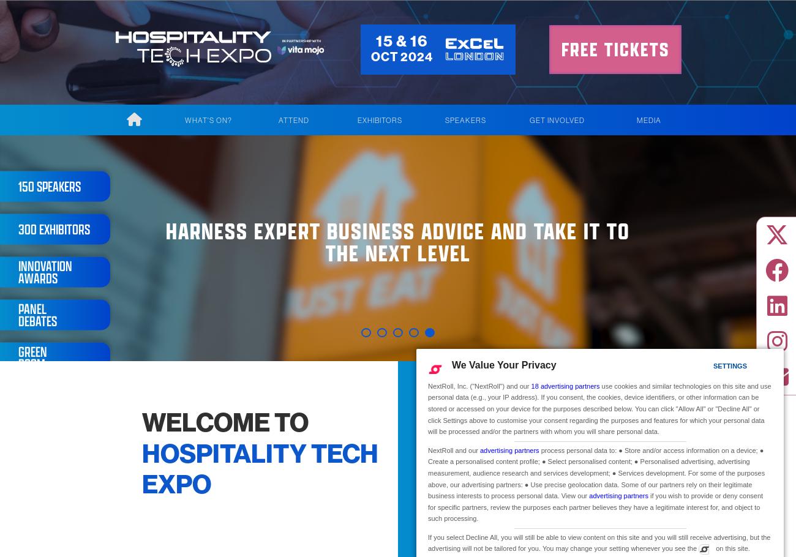 The height and width of the screenshot is (557, 796). Describe the element at coordinates (642, 172) in the screenshot. I see `'Show Gallery'` at that location.